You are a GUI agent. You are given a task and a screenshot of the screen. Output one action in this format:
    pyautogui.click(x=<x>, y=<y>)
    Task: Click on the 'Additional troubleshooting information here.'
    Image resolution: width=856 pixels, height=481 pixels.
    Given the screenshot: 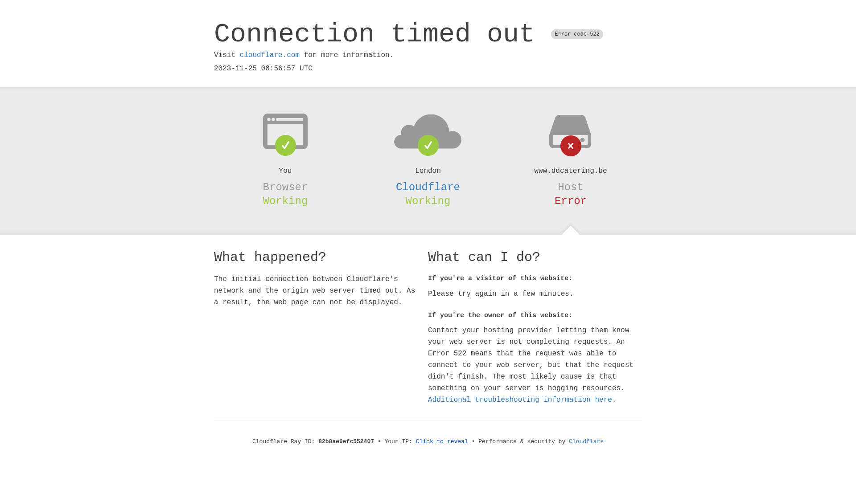 What is the action you would take?
    pyautogui.click(x=522, y=399)
    